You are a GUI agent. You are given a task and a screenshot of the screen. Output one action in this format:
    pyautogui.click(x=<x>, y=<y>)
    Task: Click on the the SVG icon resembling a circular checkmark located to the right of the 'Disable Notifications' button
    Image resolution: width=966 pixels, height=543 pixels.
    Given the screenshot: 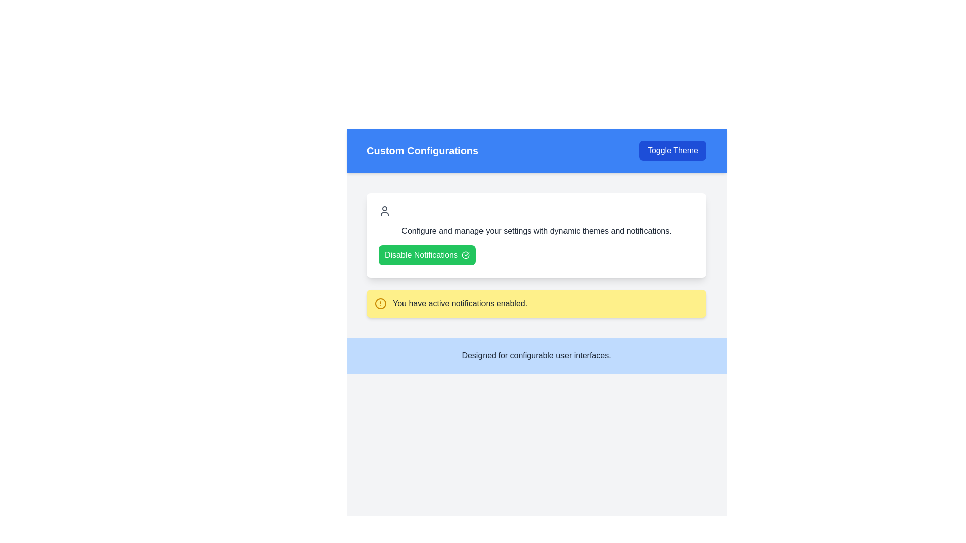 What is the action you would take?
    pyautogui.click(x=465, y=255)
    